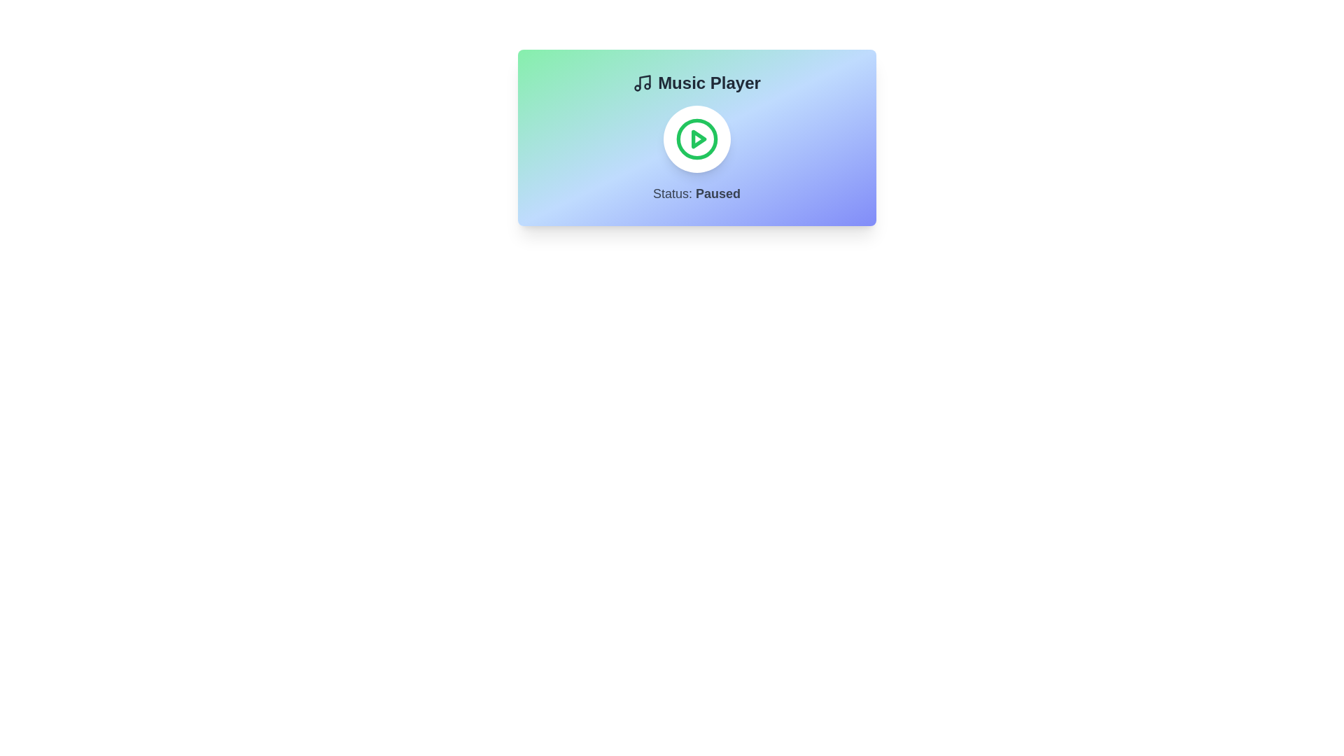 This screenshot has height=756, width=1344. I want to click on the play button to toggle the play/pause state of the music player, so click(696, 139).